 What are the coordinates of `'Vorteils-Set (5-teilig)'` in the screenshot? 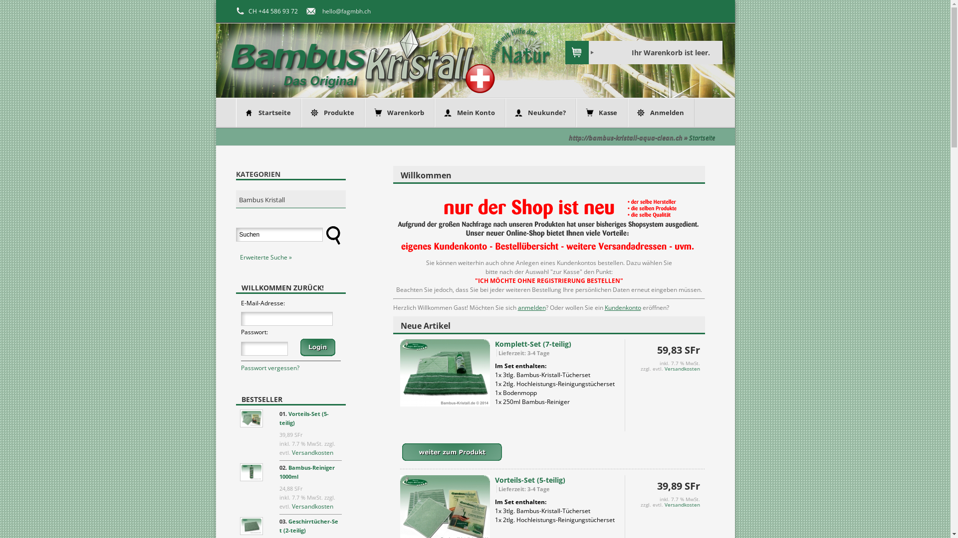 It's located at (529, 479).